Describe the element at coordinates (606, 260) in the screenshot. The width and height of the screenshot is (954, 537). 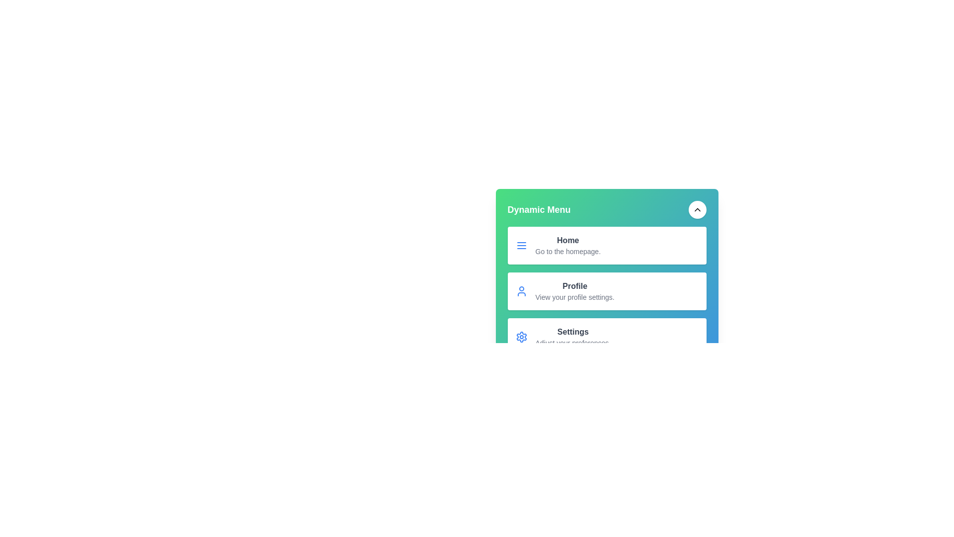
I see `the first menu option under the 'Dynamic Menu' header` at that location.